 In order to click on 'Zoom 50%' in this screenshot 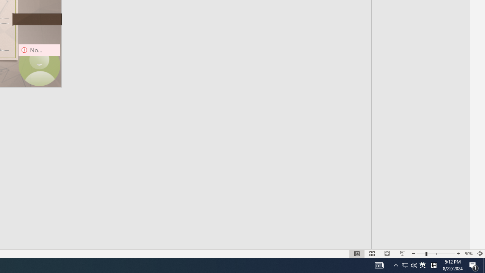, I will do `click(468, 254)`.